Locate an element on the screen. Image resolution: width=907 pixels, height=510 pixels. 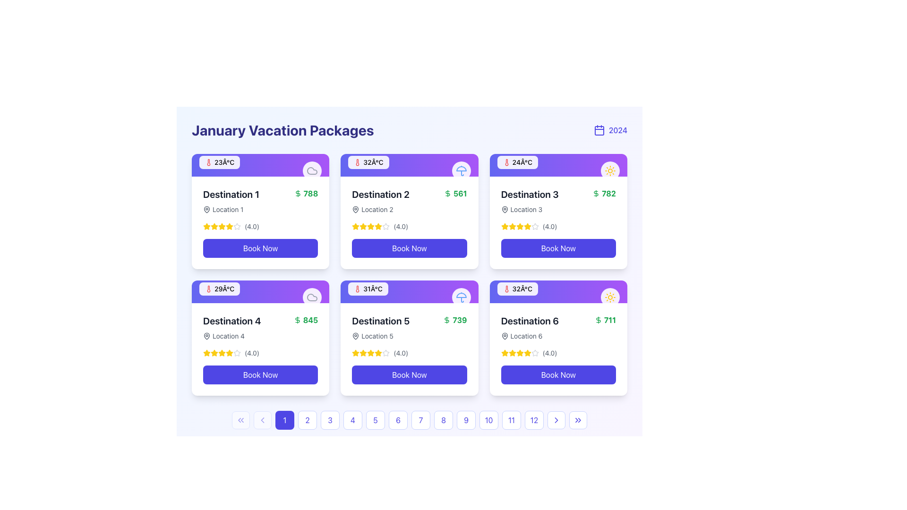
the fifth yellow star icon in the rating system, which is part of the sixth card in a grid layout, indicating a rating of '(4.0)' is located at coordinates (527, 353).